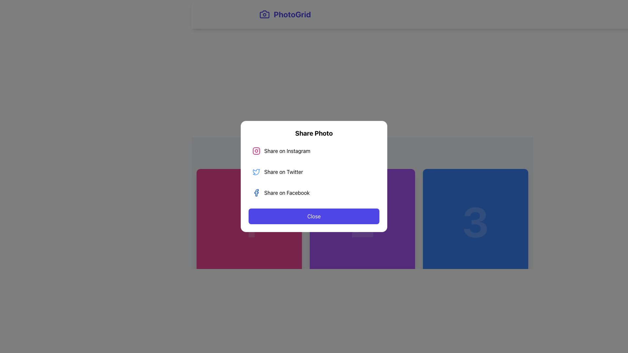  I want to click on the Twitter bird icon located within the 'Share on Twitter' button in the modal dialog titled 'Share Photo', so click(256, 171).